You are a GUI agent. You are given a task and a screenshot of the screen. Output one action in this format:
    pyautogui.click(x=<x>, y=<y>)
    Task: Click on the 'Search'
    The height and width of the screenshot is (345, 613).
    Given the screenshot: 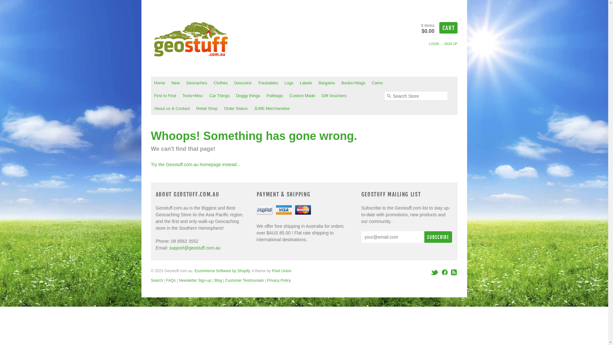 What is the action you would take?
    pyautogui.click(x=150, y=280)
    